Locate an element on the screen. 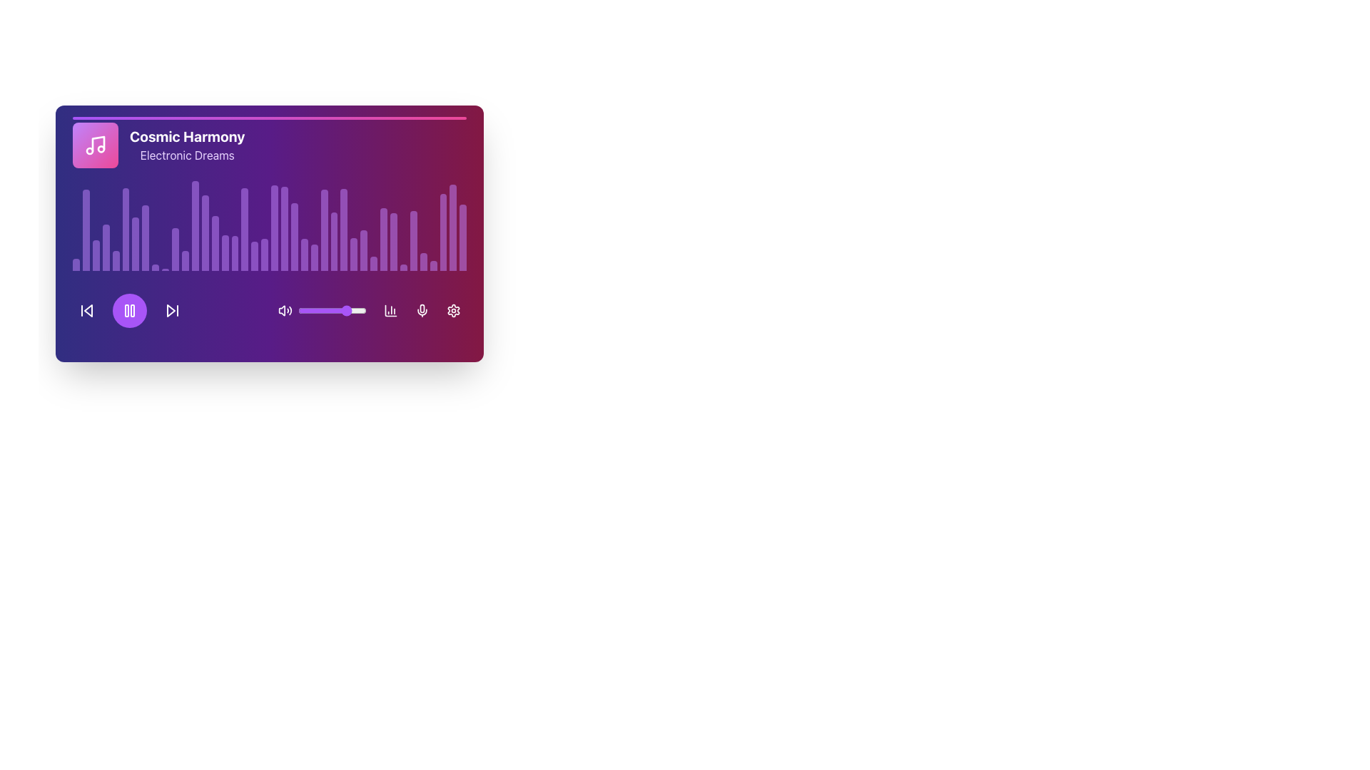  the 27th vertical bar in the music visualization interface, which is styled in a semi-transparent purple color and is part of the 'Cosmic Harmony' track visualization is located at coordinates (333, 240).